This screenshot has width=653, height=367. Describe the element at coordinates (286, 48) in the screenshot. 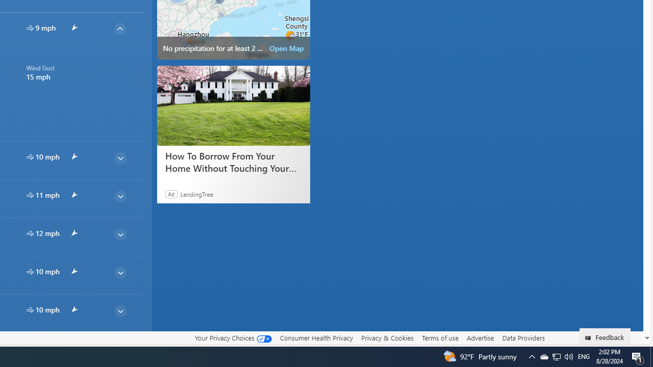

I see `'Open Map'` at that location.